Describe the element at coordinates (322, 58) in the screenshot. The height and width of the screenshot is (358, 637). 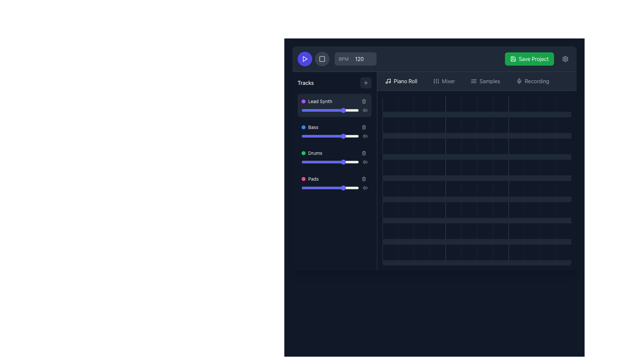
I see `the Stop button located to the immediate right of the blue circular play button, which is the second button in the horizontal layout of control buttons` at that location.